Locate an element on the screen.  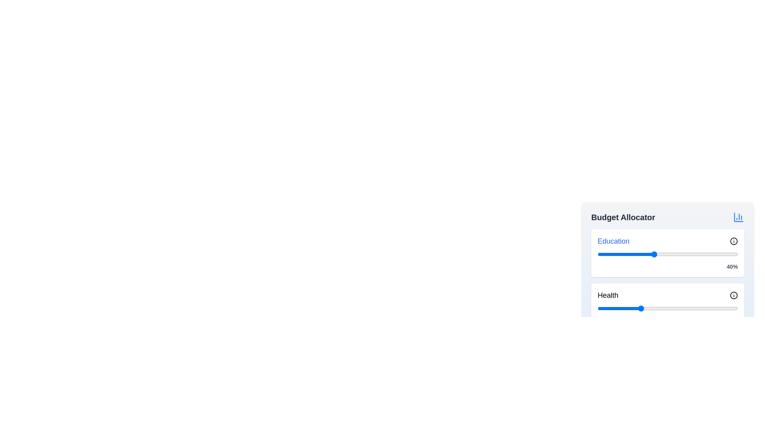
the BarChart3 icon to access additional functionality is located at coordinates (738, 217).